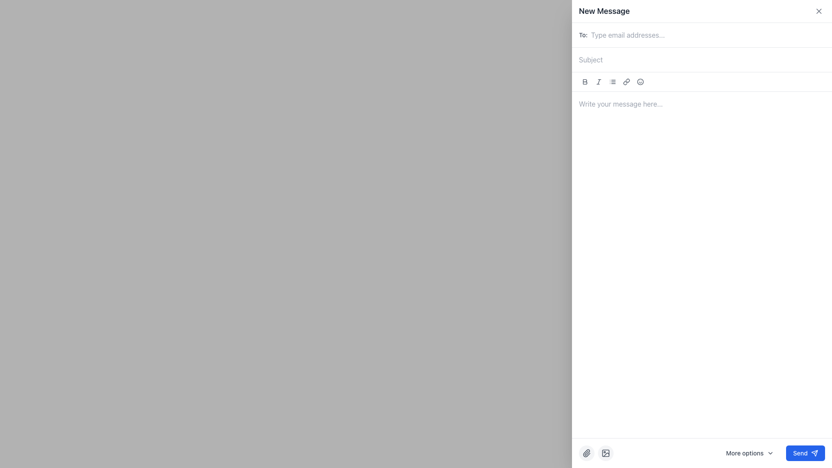 The image size is (832, 468). I want to click on the bold formatting button, which is the first button in the formatting options row beneath the subject line in the email composition interface, so click(585, 82).